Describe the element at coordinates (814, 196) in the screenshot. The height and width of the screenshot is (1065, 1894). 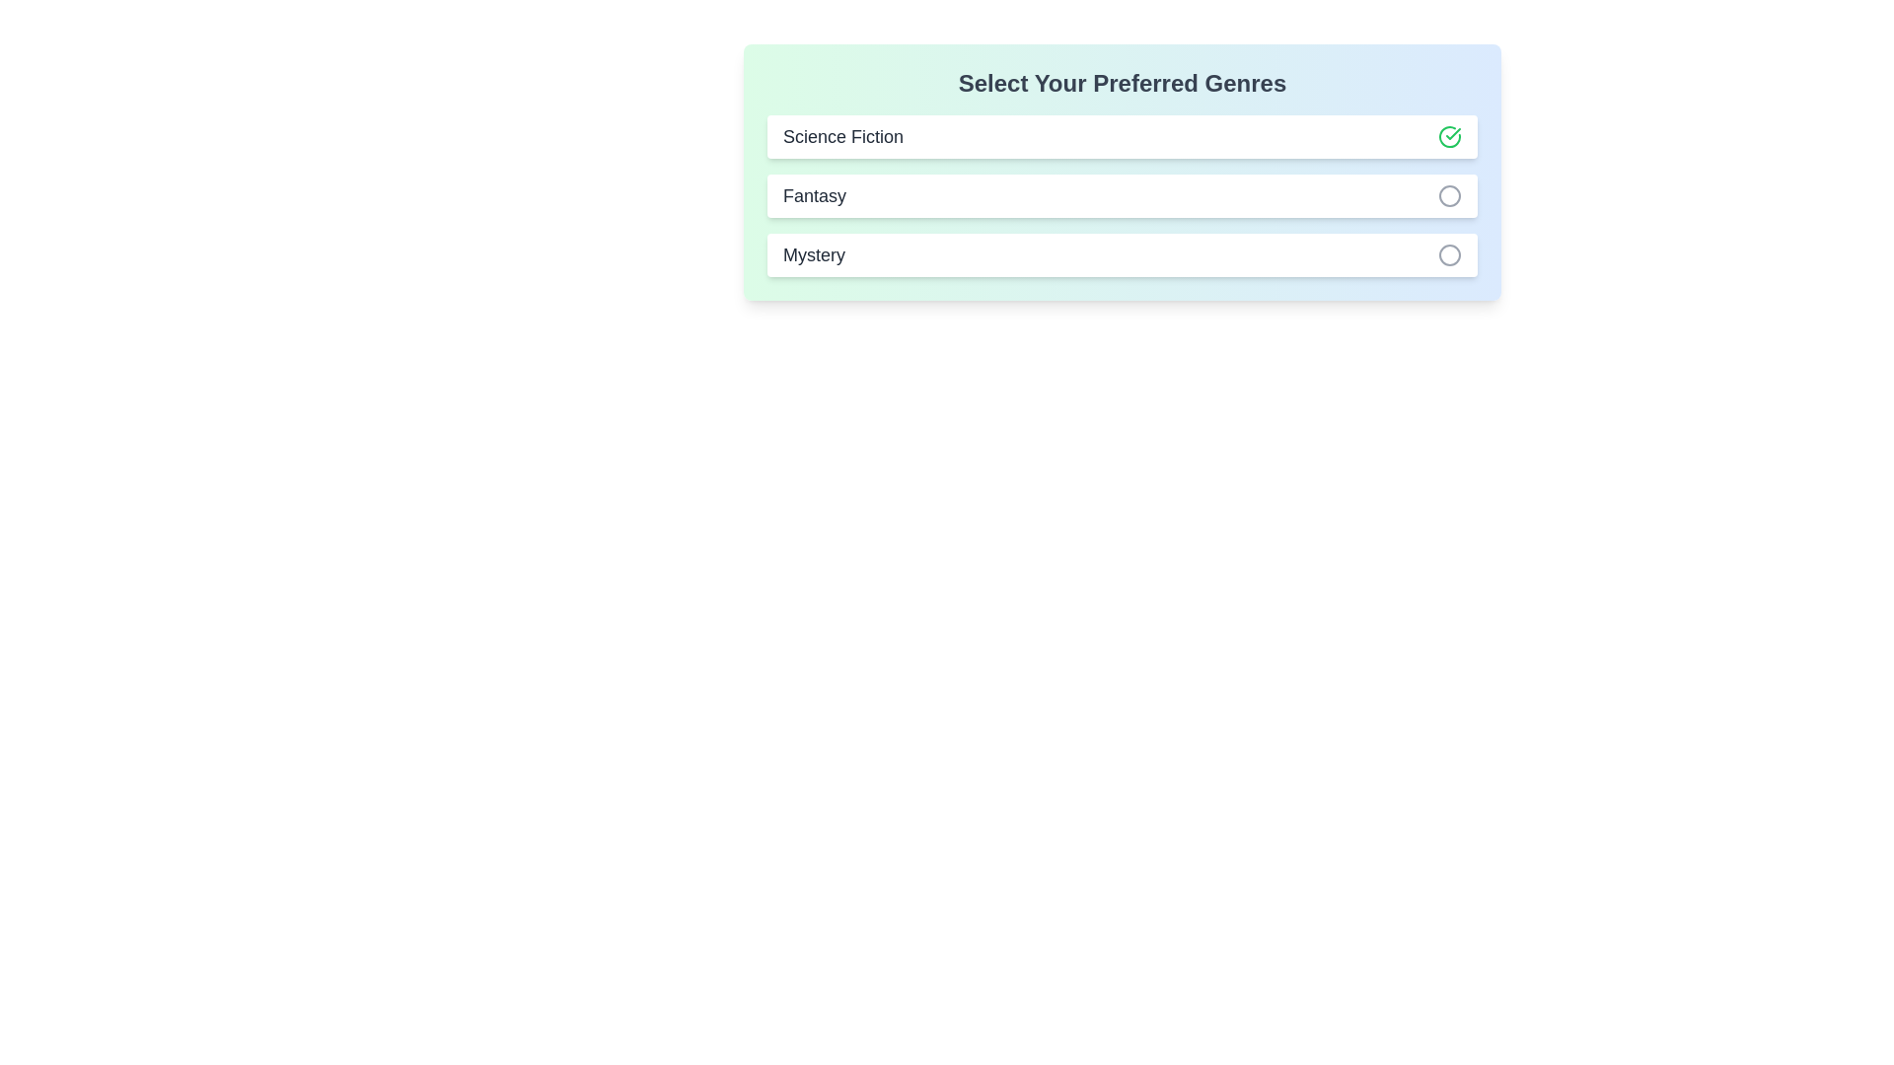
I see `the text of the genre label Fantasy` at that location.